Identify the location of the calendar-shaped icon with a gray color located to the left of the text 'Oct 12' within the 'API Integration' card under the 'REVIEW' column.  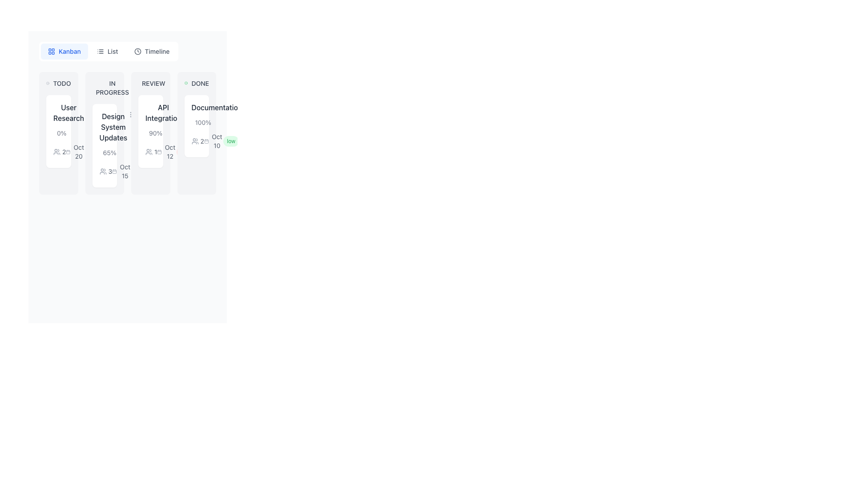
(159, 152).